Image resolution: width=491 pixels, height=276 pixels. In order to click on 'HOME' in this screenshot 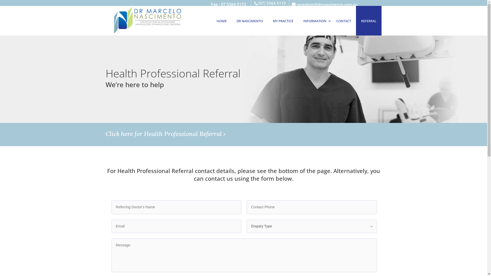, I will do `click(221, 20)`.